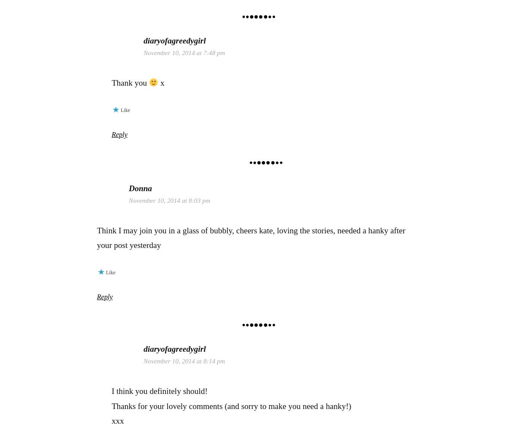 This screenshot has height=440, width=517. Describe the element at coordinates (143, 53) in the screenshot. I see `'November 10, 2014 at 7:48 pm'` at that location.